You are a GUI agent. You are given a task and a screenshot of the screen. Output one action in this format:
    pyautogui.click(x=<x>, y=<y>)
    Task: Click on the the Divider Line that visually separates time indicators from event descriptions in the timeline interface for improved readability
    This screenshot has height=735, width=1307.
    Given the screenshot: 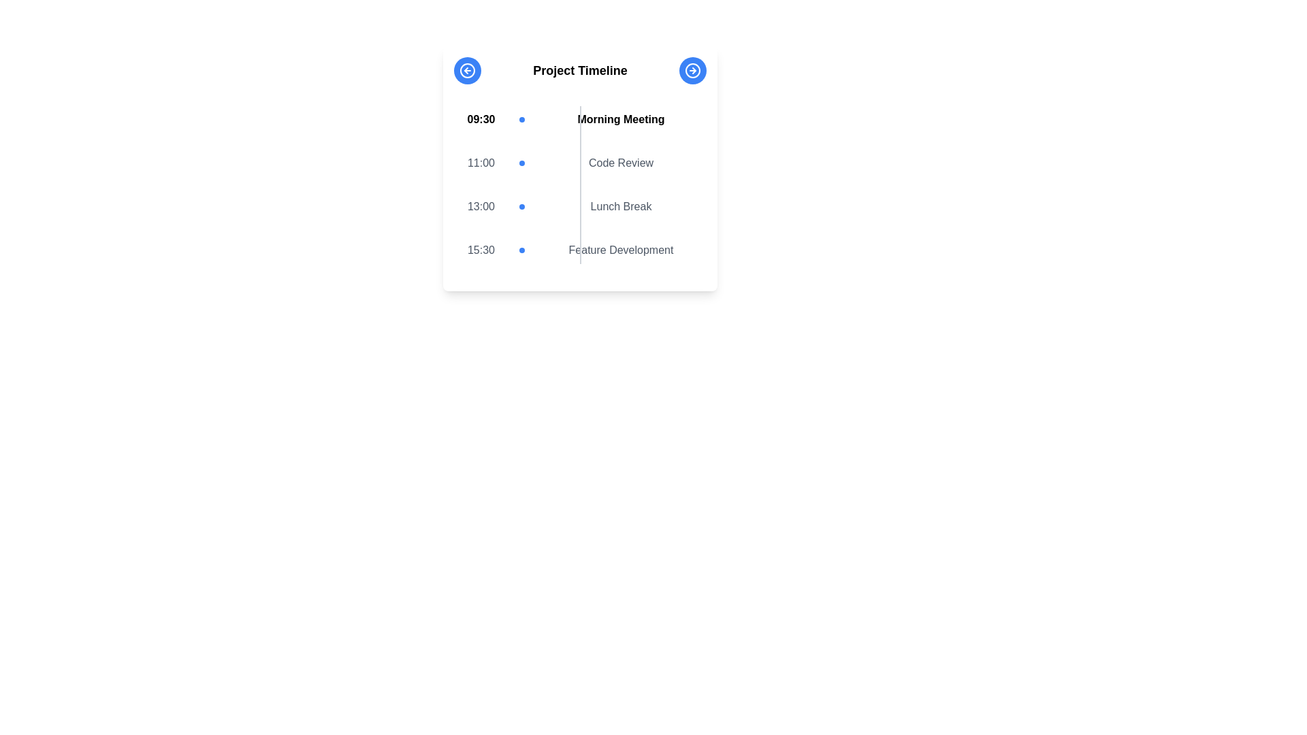 What is the action you would take?
    pyautogui.click(x=580, y=185)
    